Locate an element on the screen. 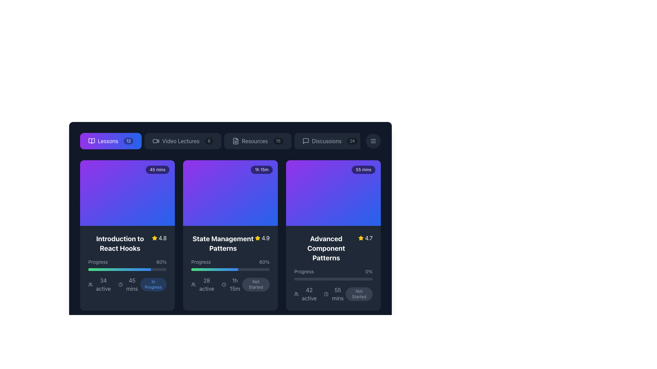 This screenshot has height=369, width=657. the Progress bar located within the 'Introduction to React Hooks' card, below the 'Progress' label and '80%' progress indicator text is located at coordinates (127, 269).